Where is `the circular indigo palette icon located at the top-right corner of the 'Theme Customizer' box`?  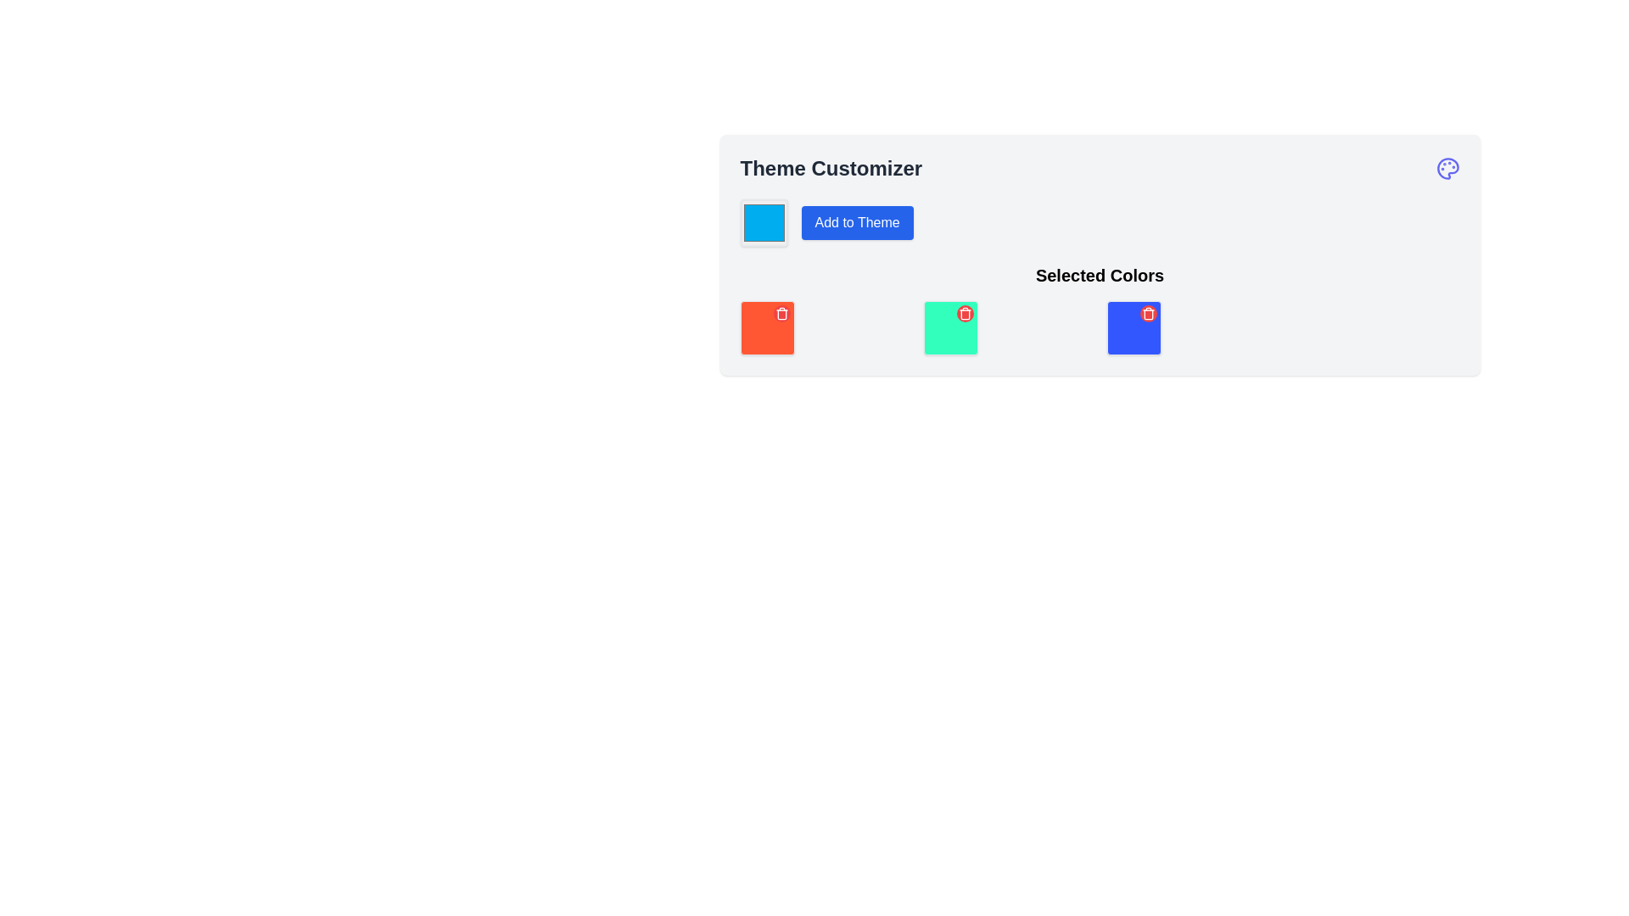
the circular indigo palette icon located at the top-right corner of the 'Theme Customizer' box is located at coordinates (1447, 169).